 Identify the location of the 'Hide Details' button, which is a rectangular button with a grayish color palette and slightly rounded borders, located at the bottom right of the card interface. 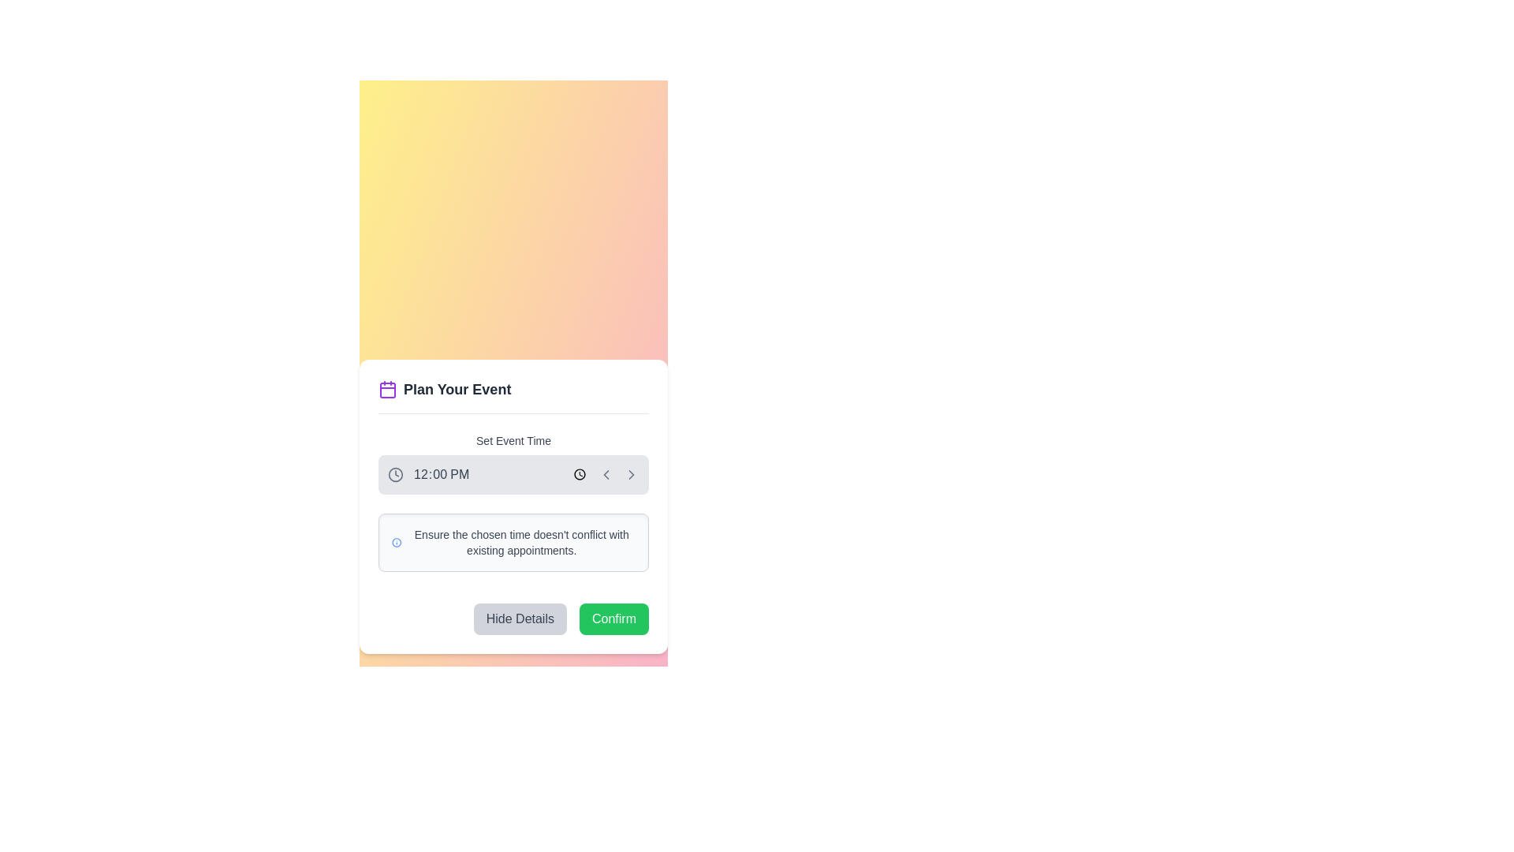
(520, 618).